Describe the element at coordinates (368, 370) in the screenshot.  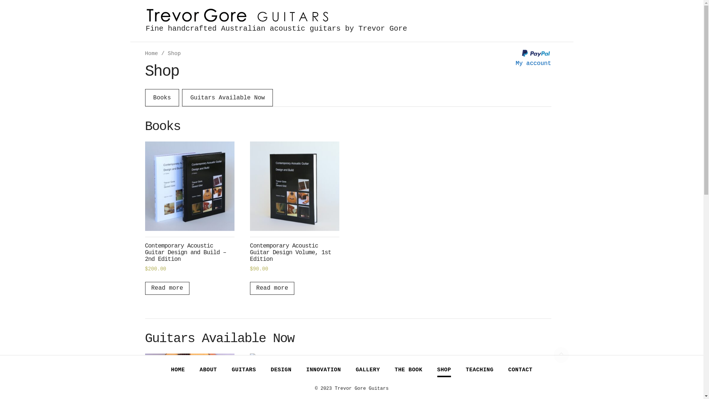
I see `'GALLERY'` at that location.